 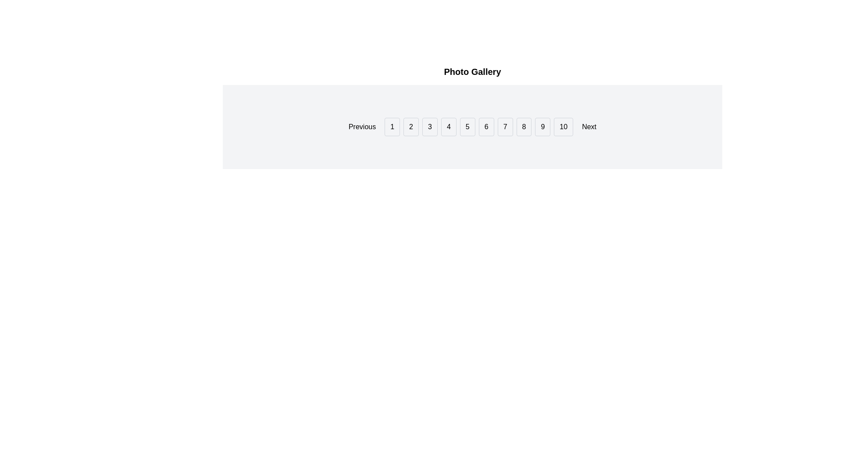 I want to click on the square-shaped button with a light gray background and rounded corners that contains the black numeral '1', so click(x=392, y=127).